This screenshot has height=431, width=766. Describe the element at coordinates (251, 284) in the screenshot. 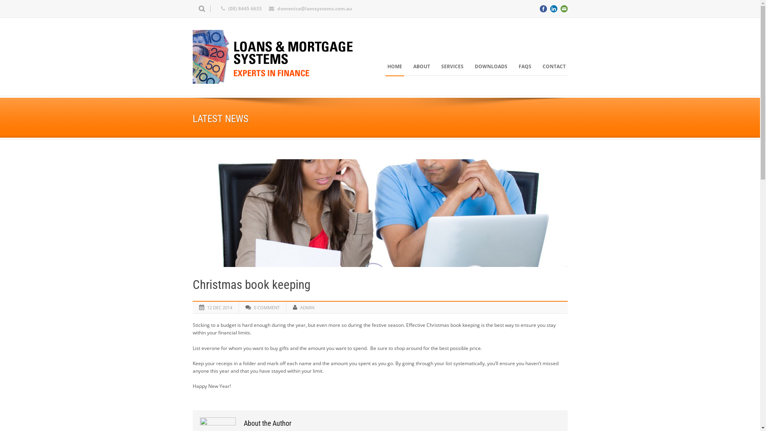

I see `'Christmas book keeping'` at that location.